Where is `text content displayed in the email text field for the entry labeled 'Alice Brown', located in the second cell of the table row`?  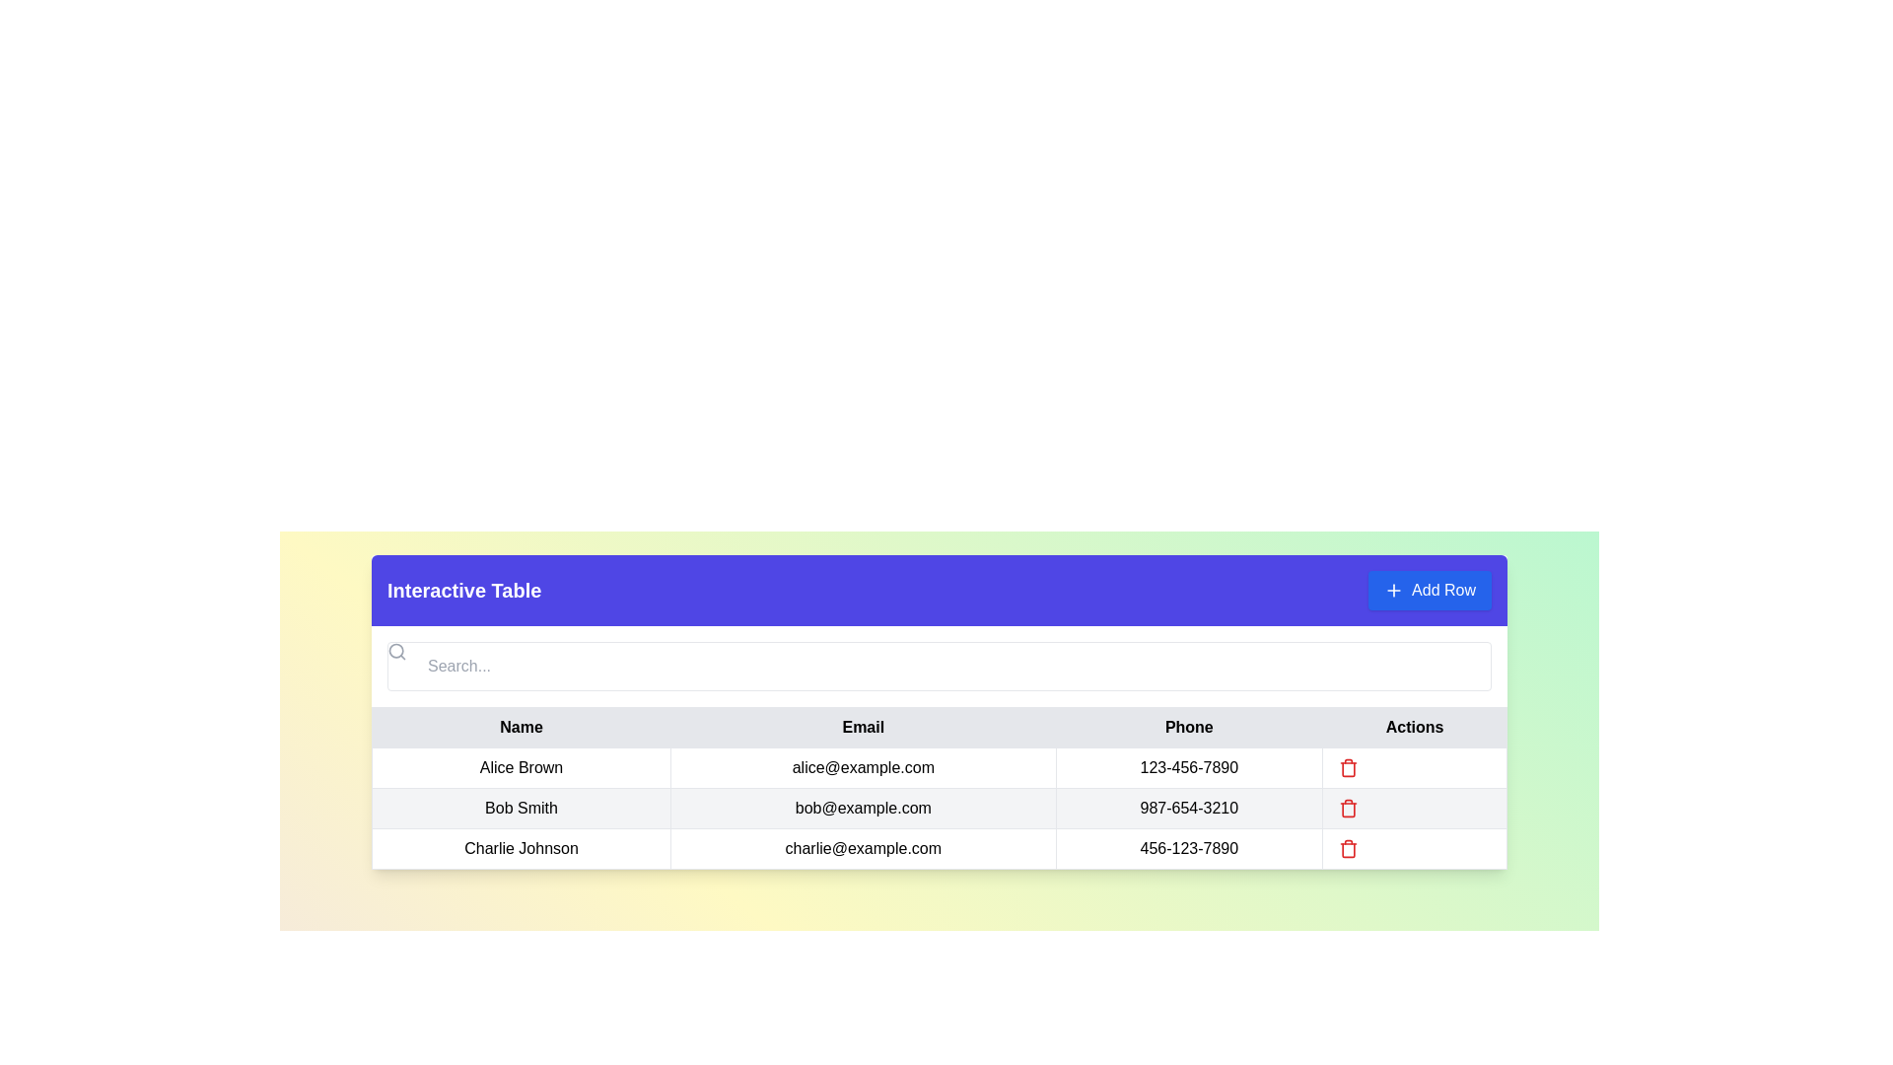
text content displayed in the email text field for the entry labeled 'Alice Brown', located in the second cell of the table row is located at coordinates (863, 767).